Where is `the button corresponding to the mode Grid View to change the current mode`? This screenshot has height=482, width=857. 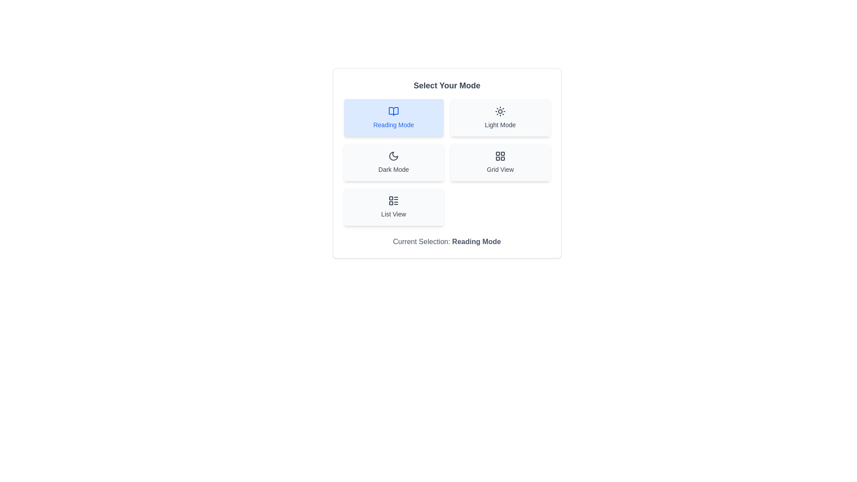 the button corresponding to the mode Grid View to change the current mode is located at coordinates (500, 162).